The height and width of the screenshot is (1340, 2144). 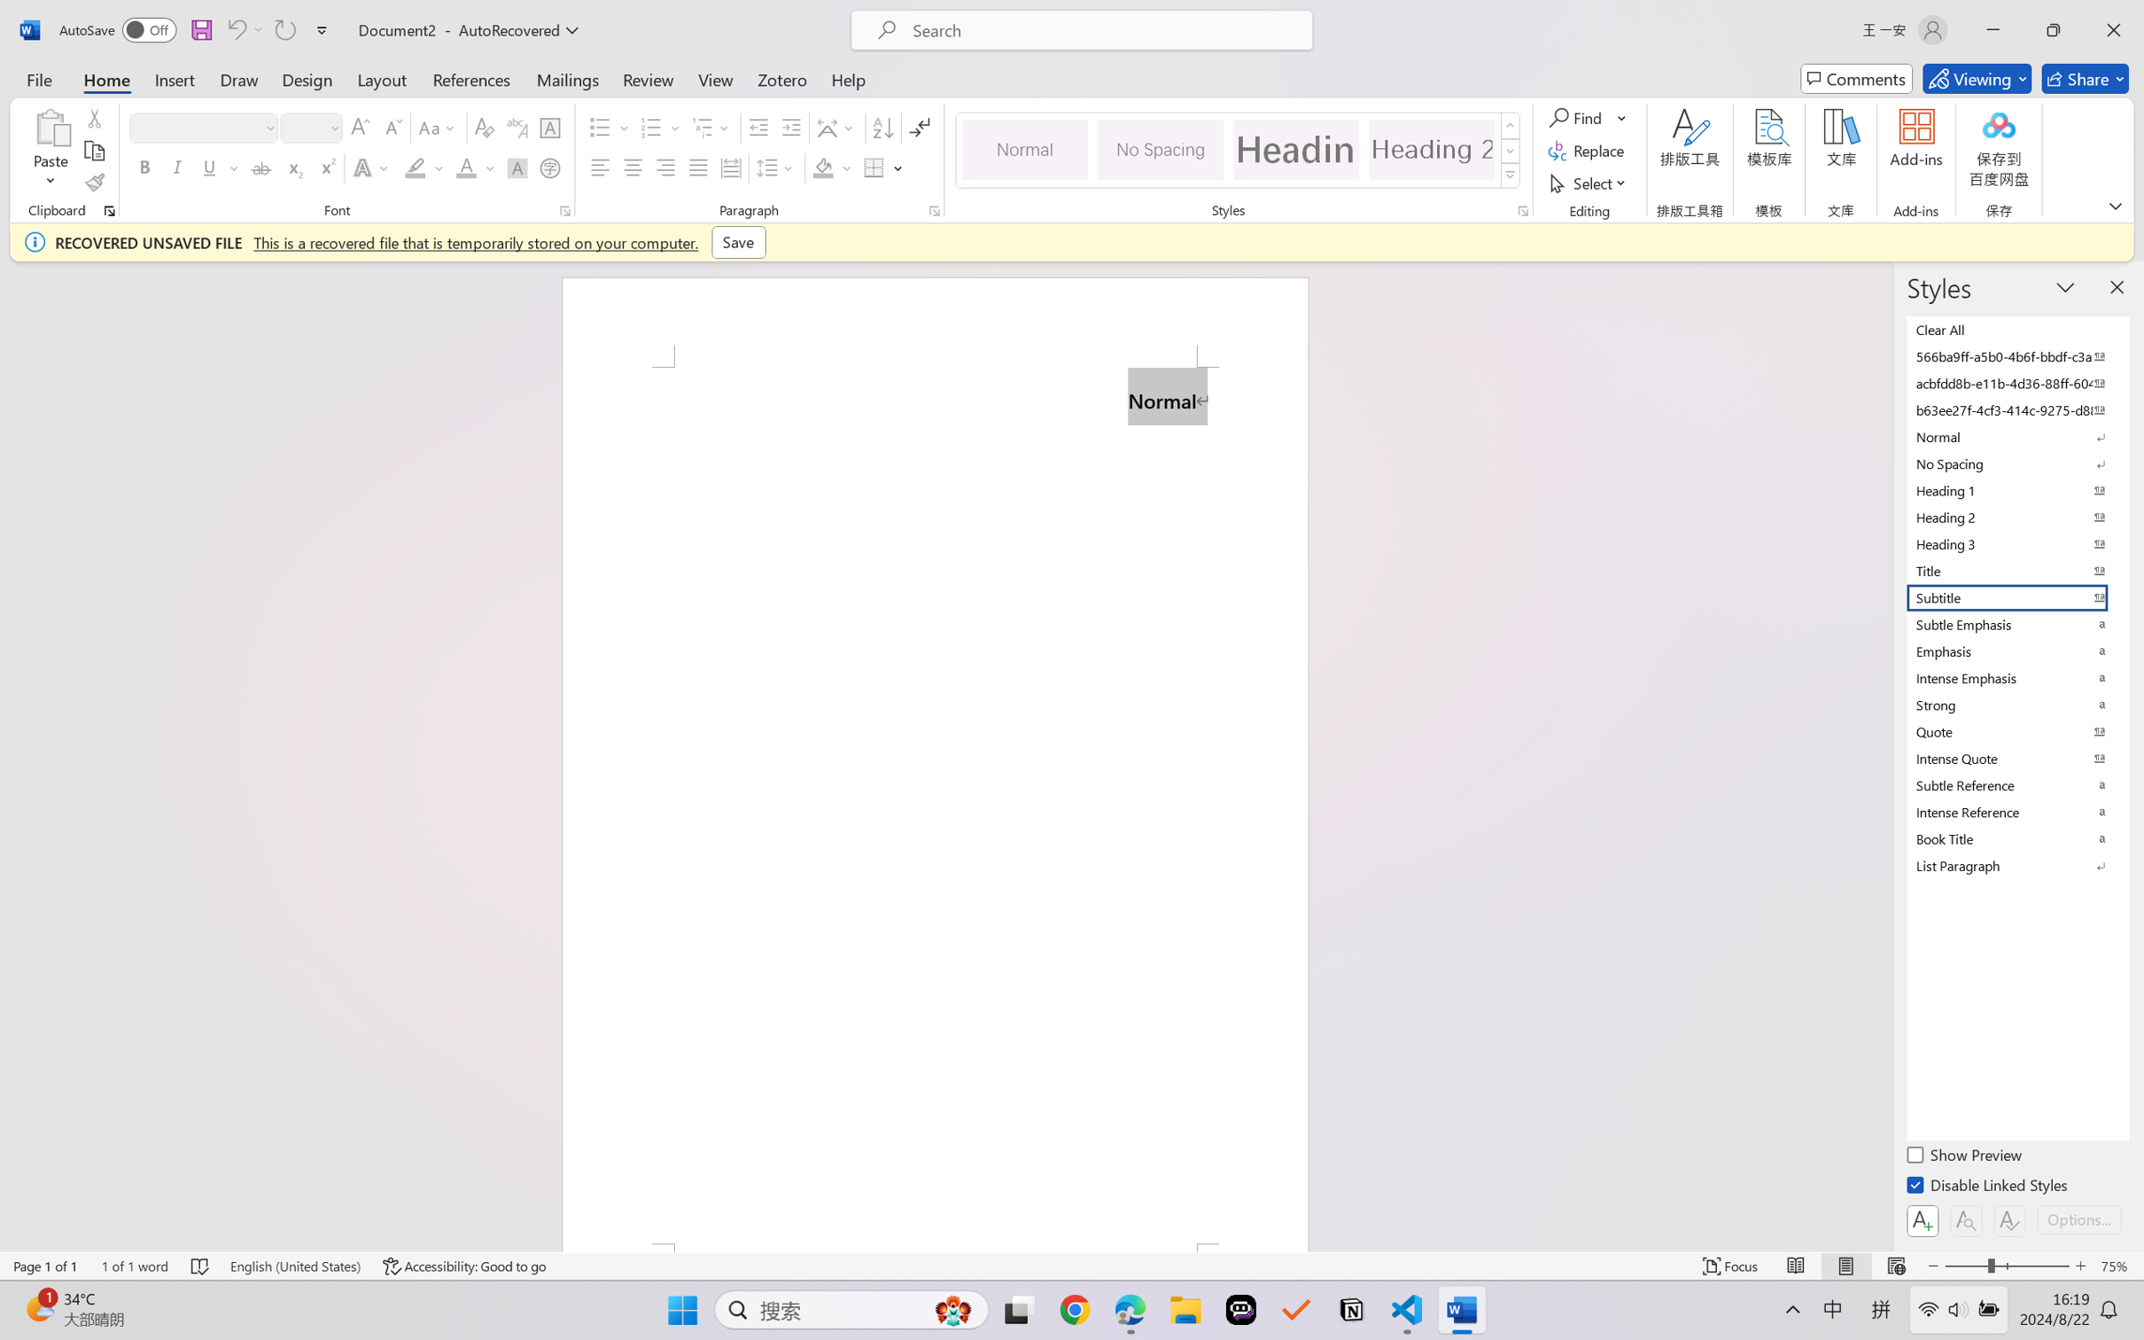 What do you see at coordinates (2016, 623) in the screenshot?
I see `'Subtle Emphasis'` at bounding box center [2016, 623].